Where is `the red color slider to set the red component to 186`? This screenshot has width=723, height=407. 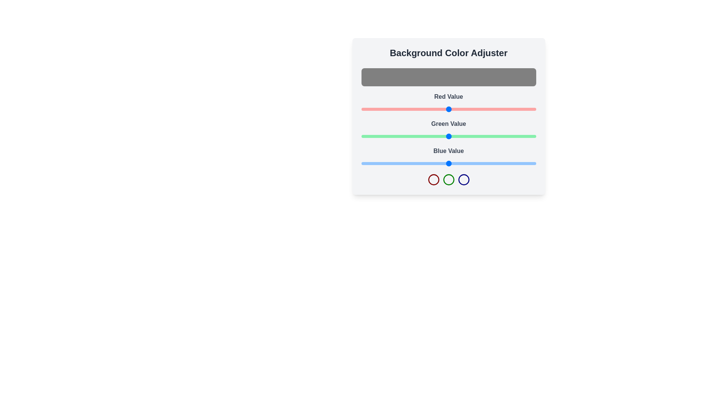 the red color slider to set the red component to 186 is located at coordinates (488, 109).